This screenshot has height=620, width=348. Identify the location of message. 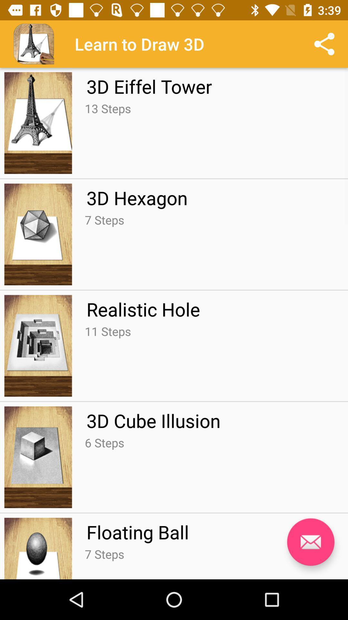
(310, 542).